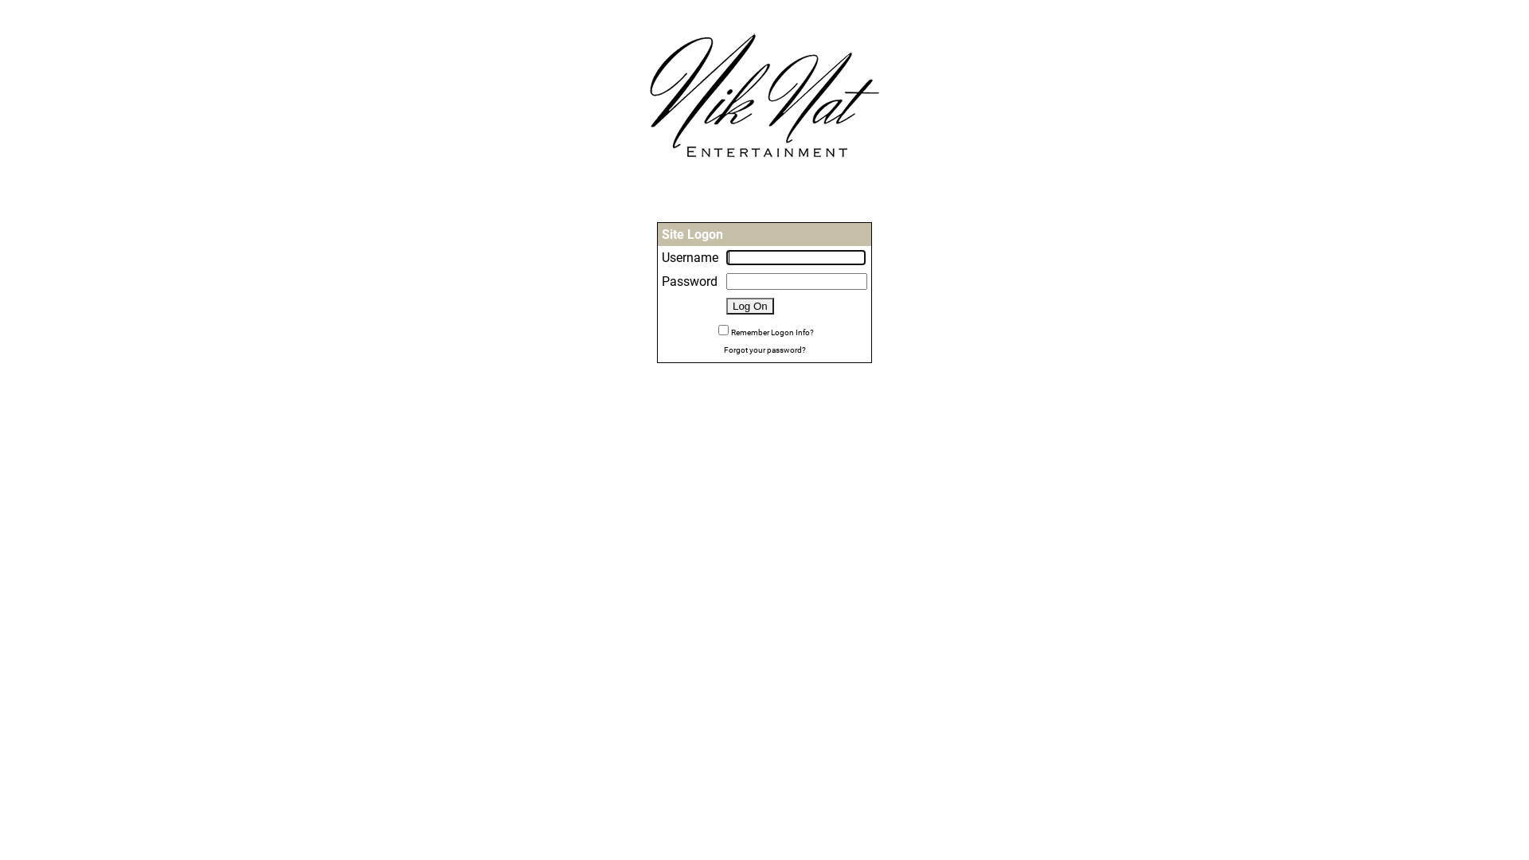  I want to click on 'Log On', so click(725, 306).